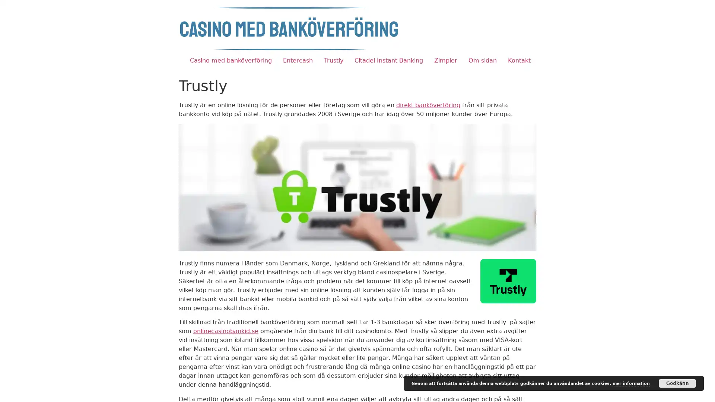  What do you see at coordinates (677, 383) in the screenshot?
I see `Godkann` at bounding box center [677, 383].